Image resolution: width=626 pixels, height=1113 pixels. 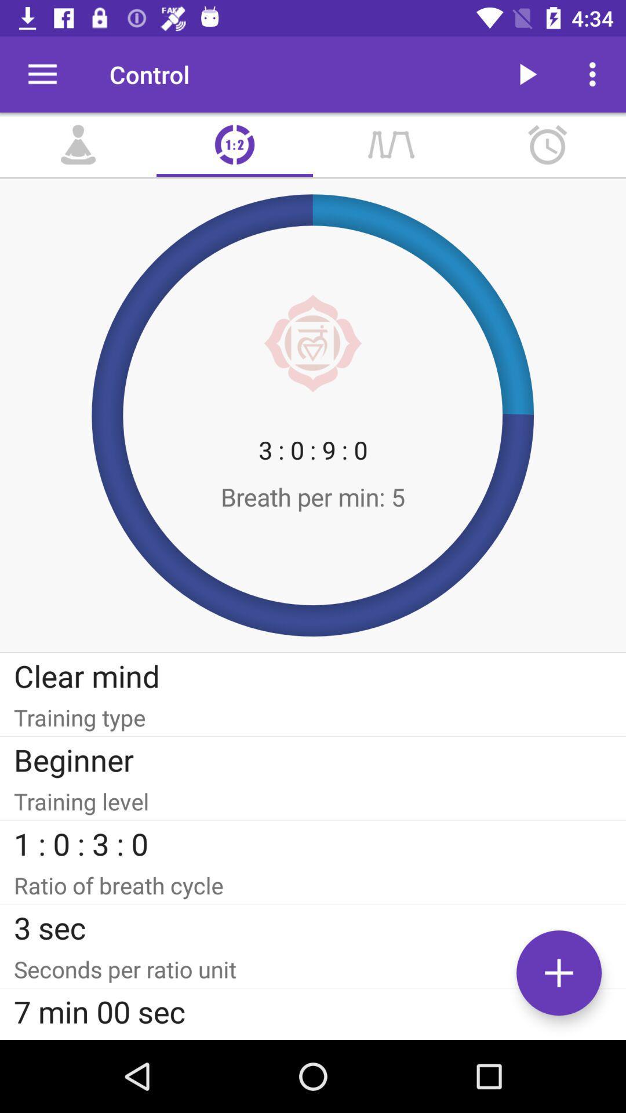 I want to click on item above 7 min 00, so click(x=313, y=969).